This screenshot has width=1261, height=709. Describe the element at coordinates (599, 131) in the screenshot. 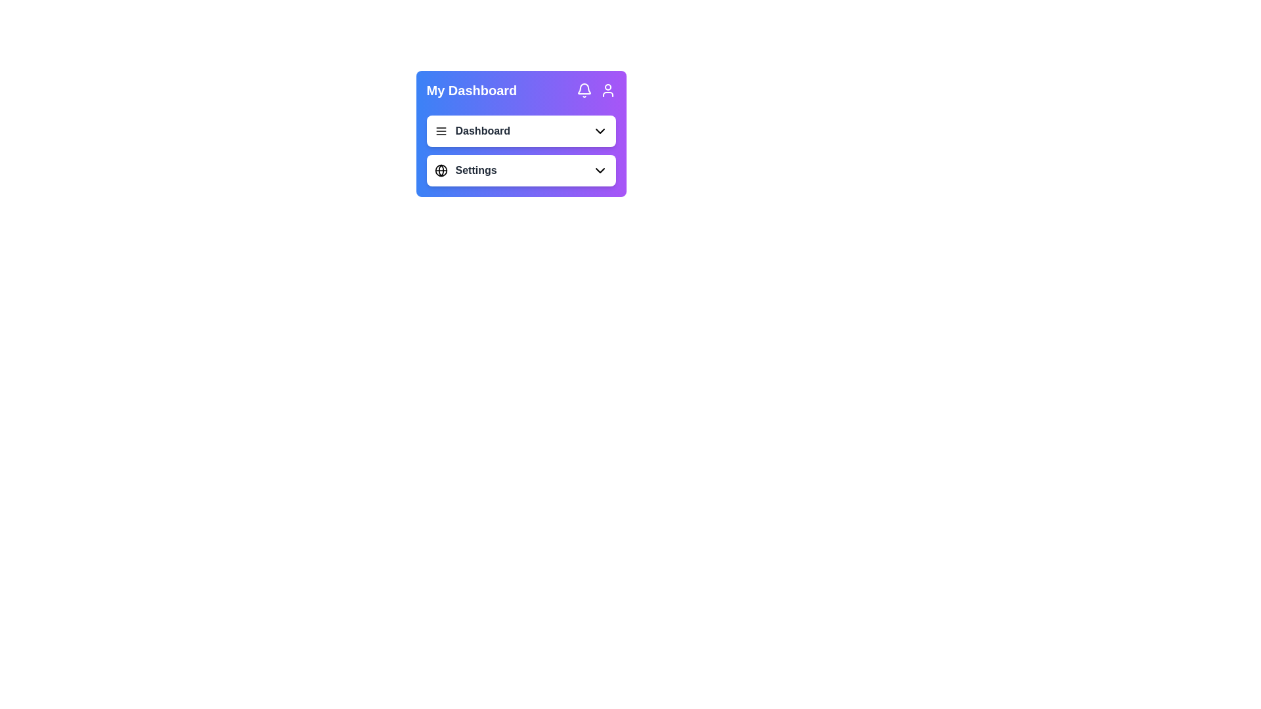

I see `the Dropdown Indicator Icon located to the far right within the 'Dashboard' section` at that location.